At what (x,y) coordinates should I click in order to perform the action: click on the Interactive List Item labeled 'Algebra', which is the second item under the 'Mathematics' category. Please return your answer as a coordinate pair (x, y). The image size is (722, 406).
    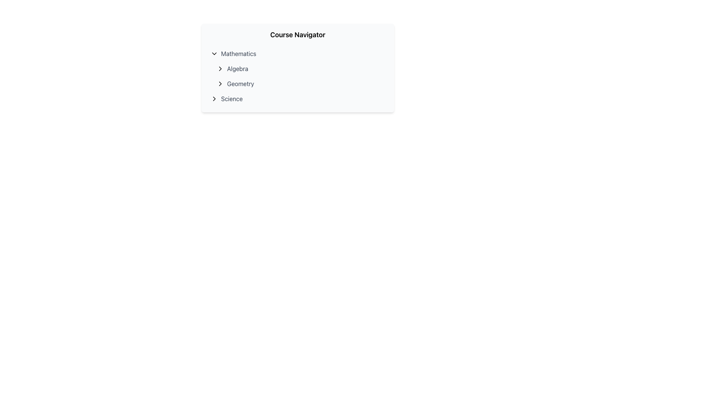
    Looking at the image, I should click on (301, 68).